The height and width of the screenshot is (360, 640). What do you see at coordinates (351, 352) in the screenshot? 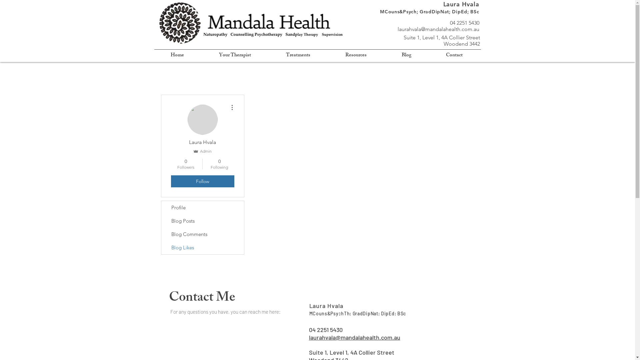
I see `'Suite 1, Level 1, 4A Collier Street'` at bounding box center [351, 352].